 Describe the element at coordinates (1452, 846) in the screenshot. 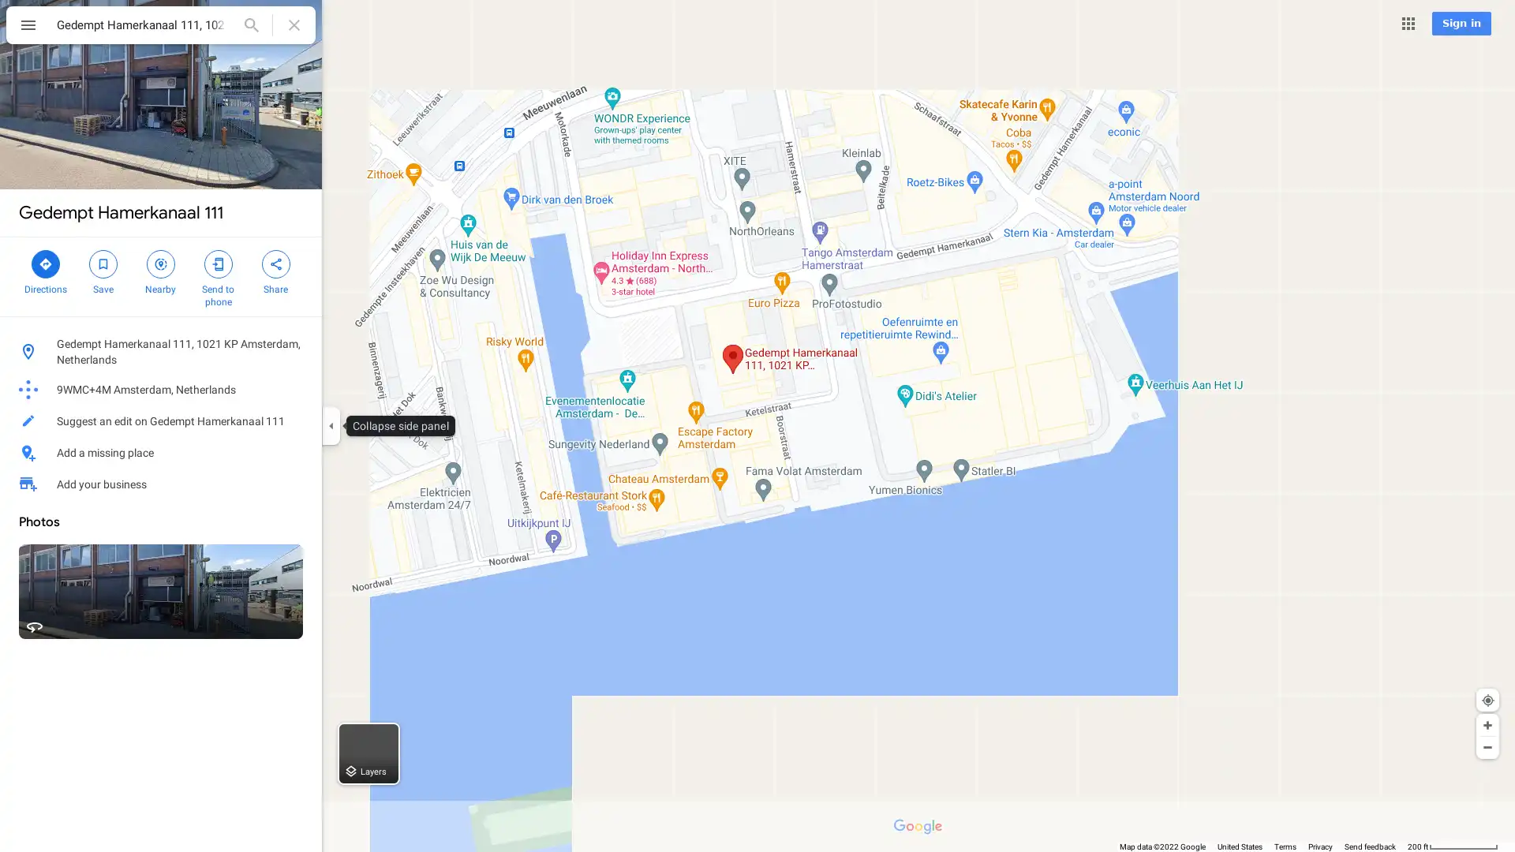

I see `200 ft` at that location.